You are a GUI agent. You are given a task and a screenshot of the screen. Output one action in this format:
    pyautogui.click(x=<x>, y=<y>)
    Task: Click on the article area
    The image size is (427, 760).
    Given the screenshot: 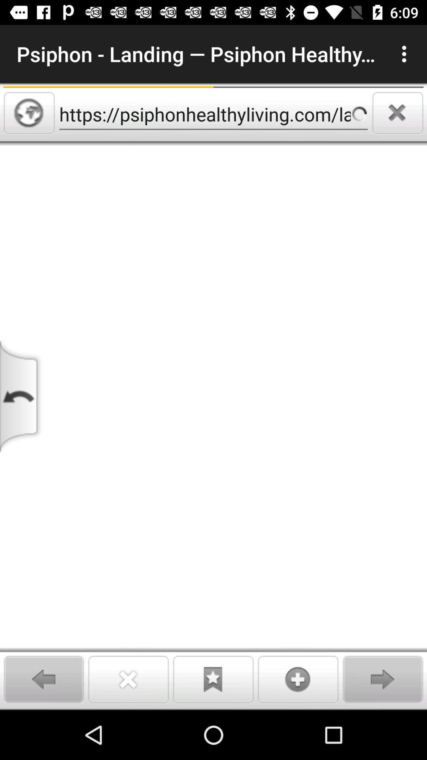 What is the action you would take?
    pyautogui.click(x=213, y=427)
    